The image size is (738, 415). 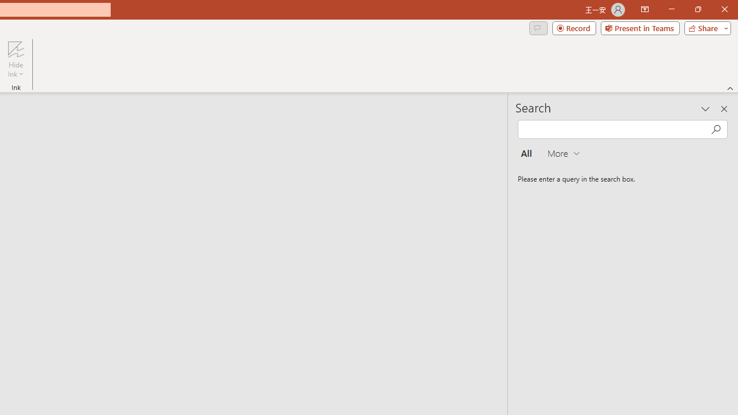 I want to click on 'Minimize', so click(x=671, y=9).